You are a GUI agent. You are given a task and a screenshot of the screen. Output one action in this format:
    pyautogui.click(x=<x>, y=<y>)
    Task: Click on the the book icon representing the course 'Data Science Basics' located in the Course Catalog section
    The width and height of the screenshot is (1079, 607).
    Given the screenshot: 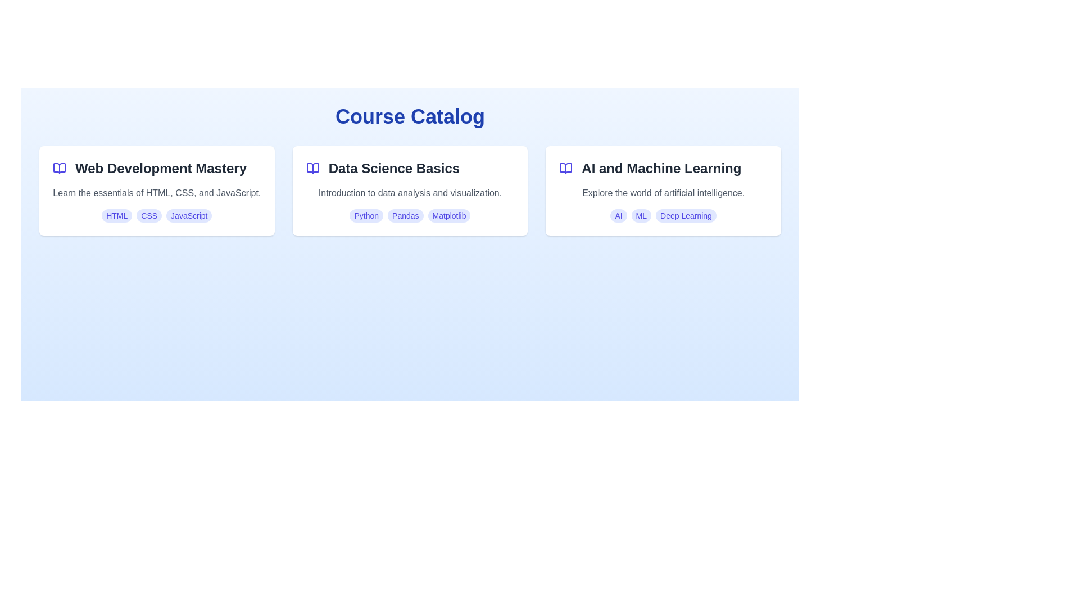 What is the action you would take?
    pyautogui.click(x=312, y=169)
    